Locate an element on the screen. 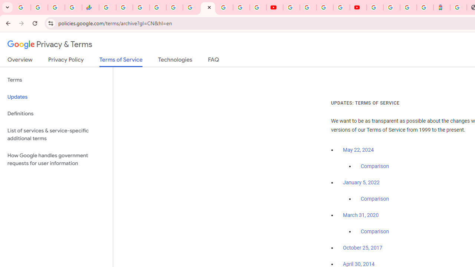  'March 31, 2020' is located at coordinates (361, 215).